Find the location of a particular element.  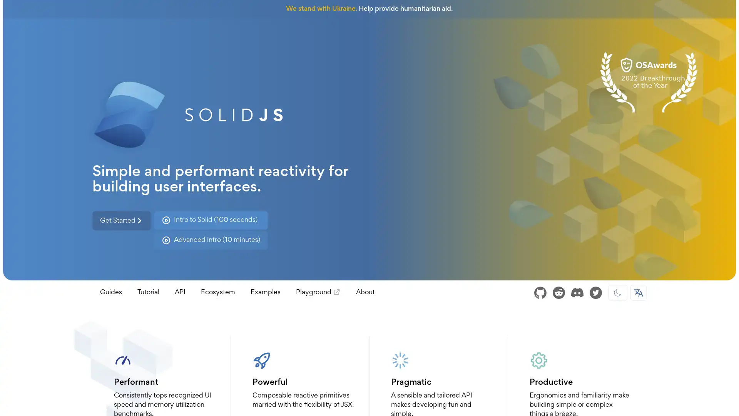

Select Language is located at coordinates (639, 292).